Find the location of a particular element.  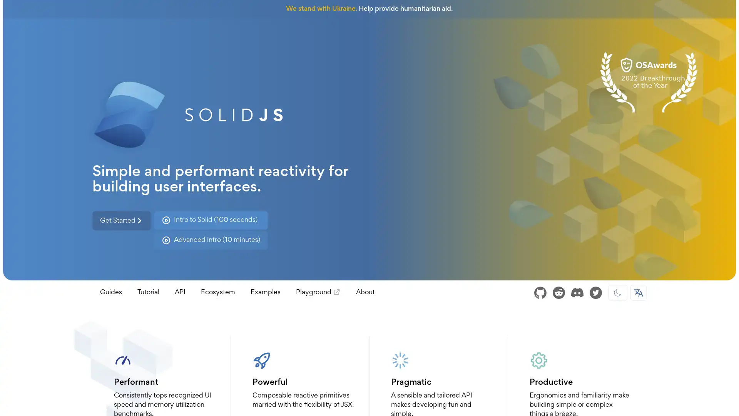

Select Language is located at coordinates (639, 292).